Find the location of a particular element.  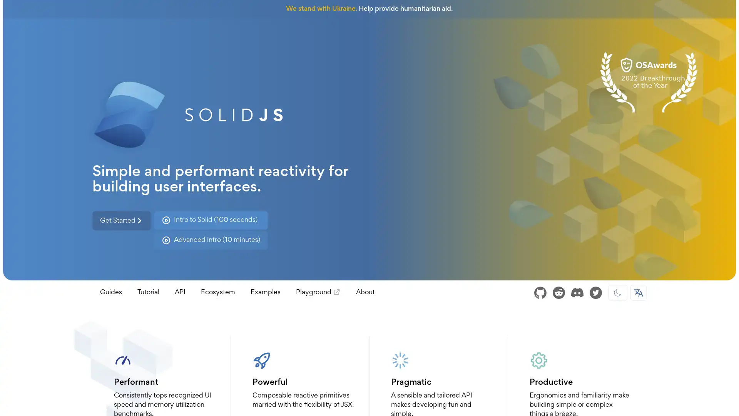

Select Language is located at coordinates (639, 292).